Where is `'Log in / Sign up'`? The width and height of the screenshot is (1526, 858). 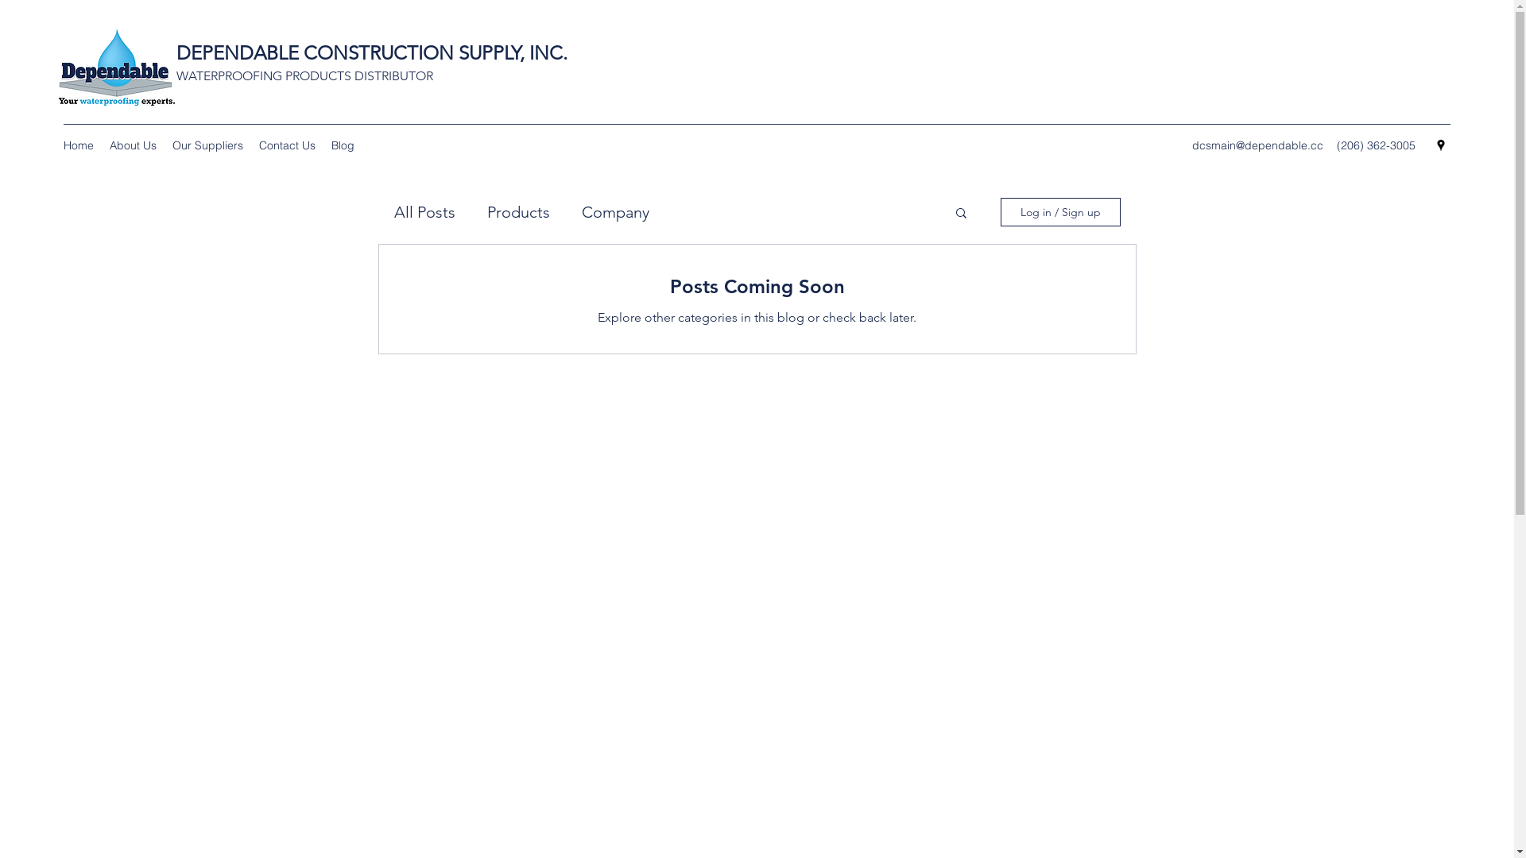
'Log in / Sign up' is located at coordinates (1059, 211).